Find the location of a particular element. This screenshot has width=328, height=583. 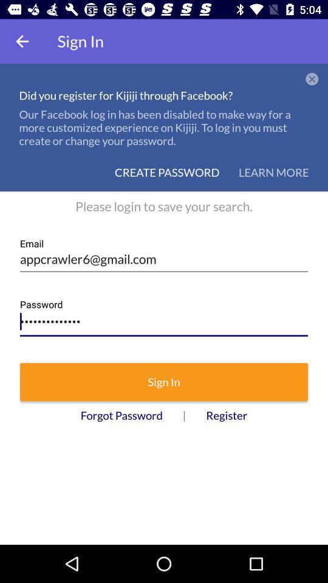

item to the left of sign in is located at coordinates (22, 41).